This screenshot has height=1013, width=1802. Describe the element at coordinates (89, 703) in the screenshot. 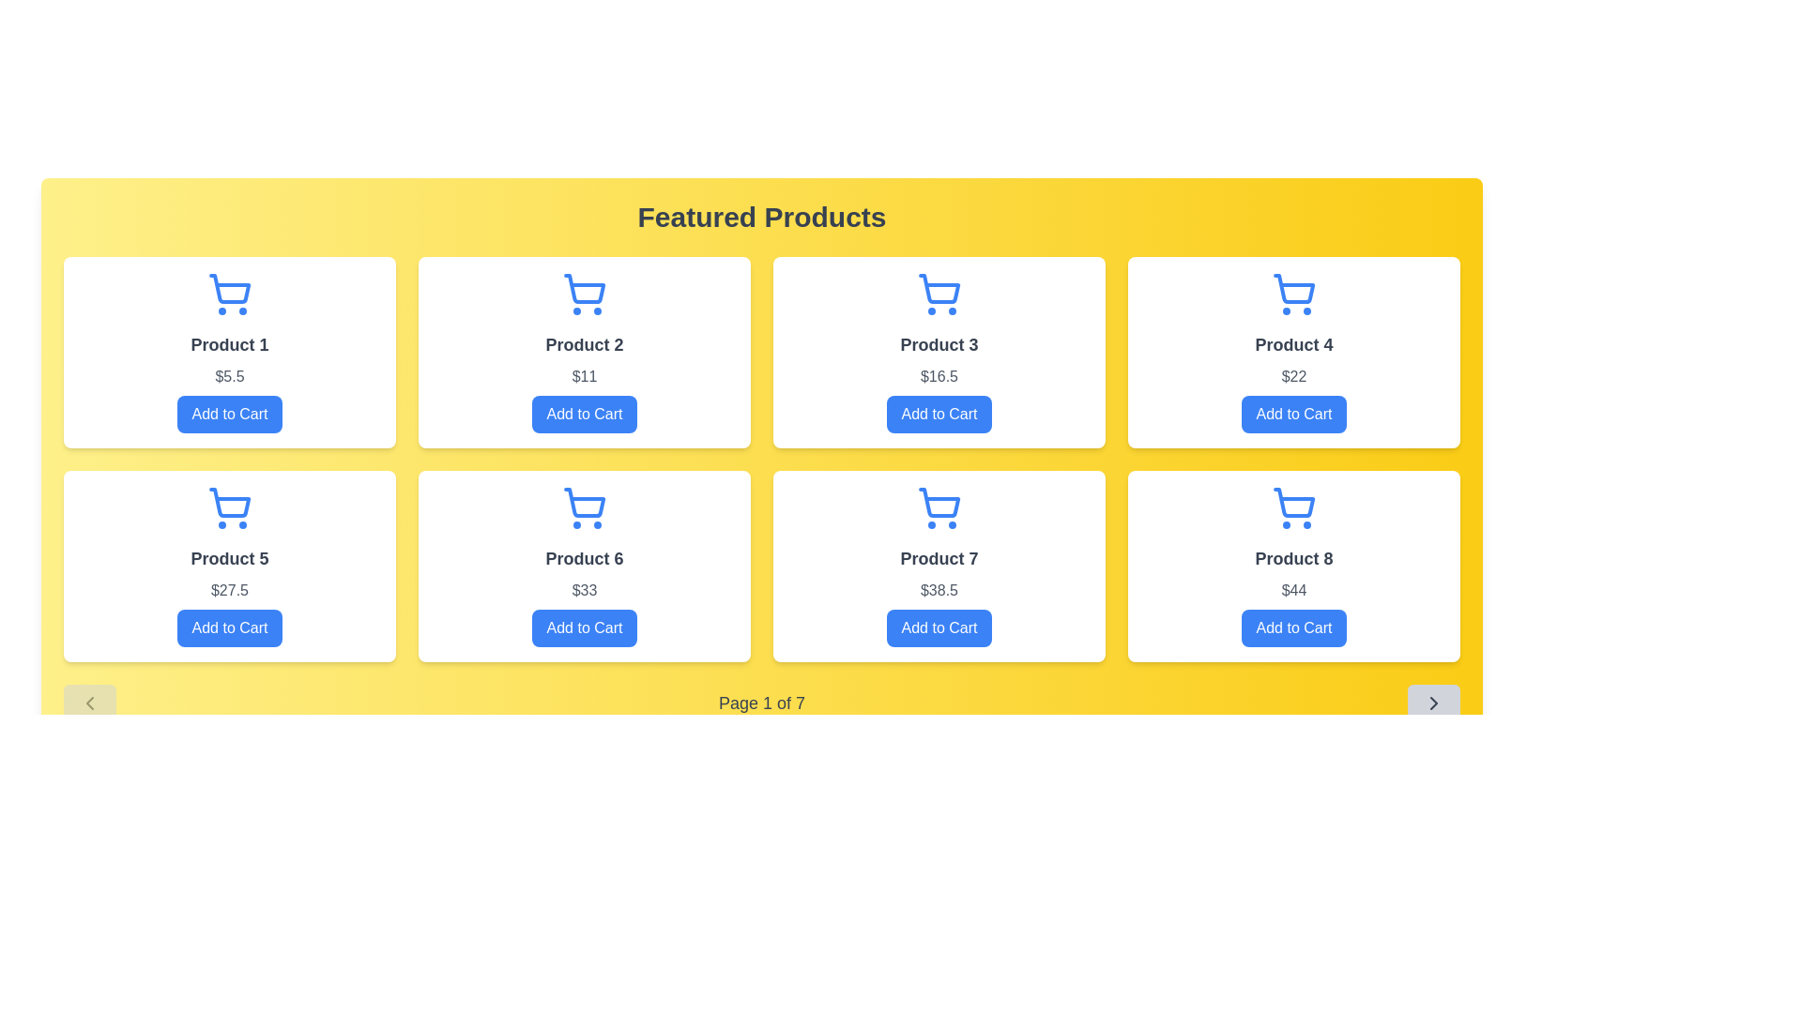

I see `the circular button icon located in the bottom-left corner of the interface` at that location.